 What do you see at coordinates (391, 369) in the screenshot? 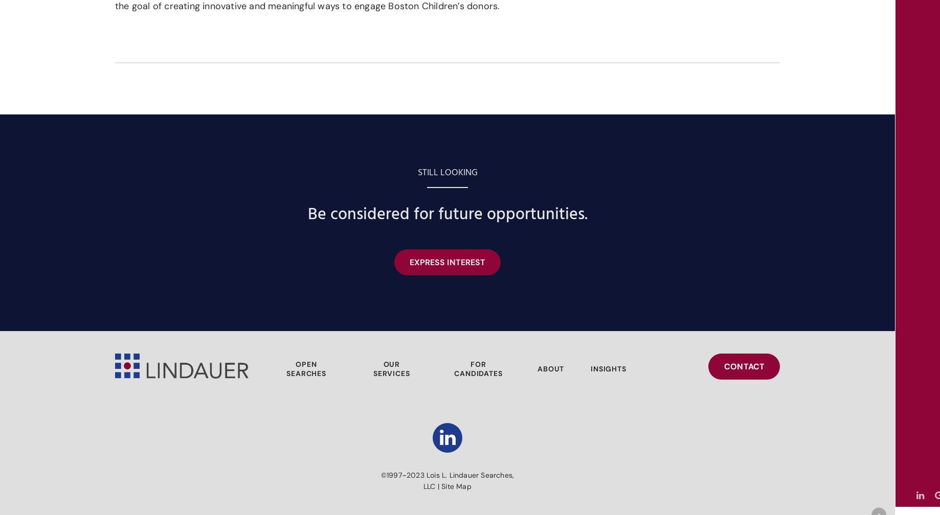
I see `'Our Services'` at bounding box center [391, 369].